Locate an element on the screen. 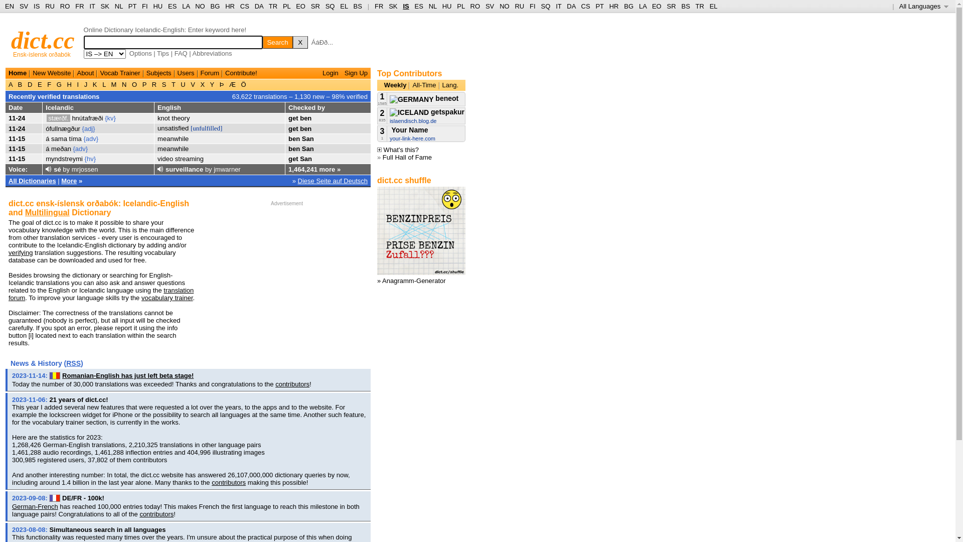  'dict.cc' is located at coordinates (42, 40).